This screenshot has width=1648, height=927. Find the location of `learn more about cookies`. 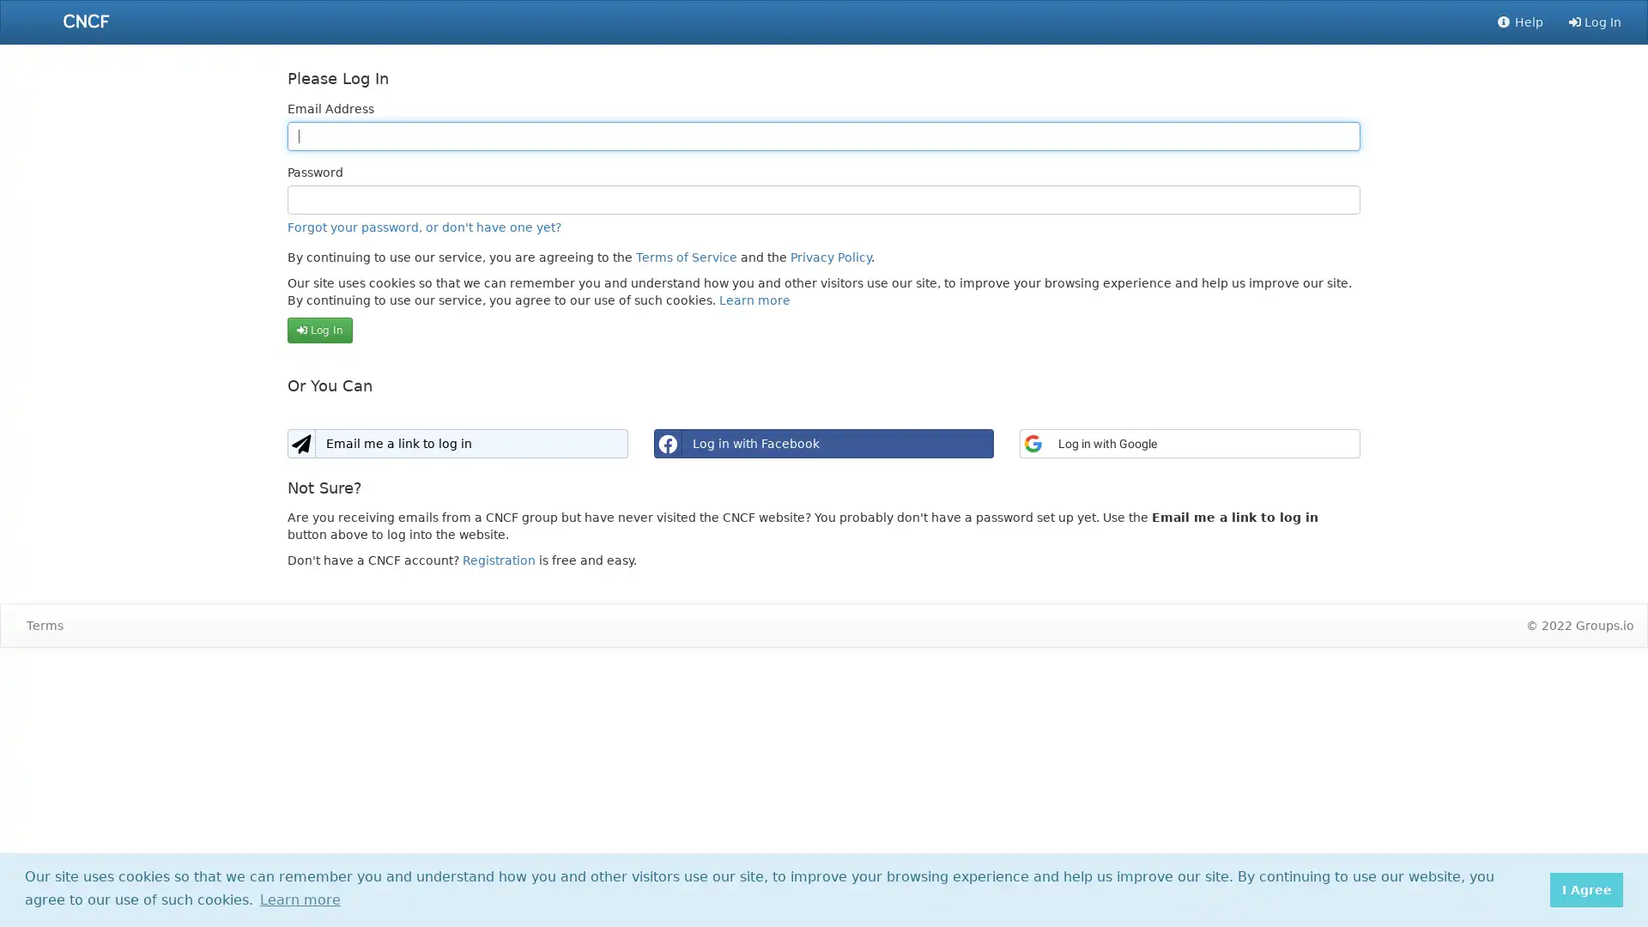

learn more about cookies is located at coordinates (300, 899).